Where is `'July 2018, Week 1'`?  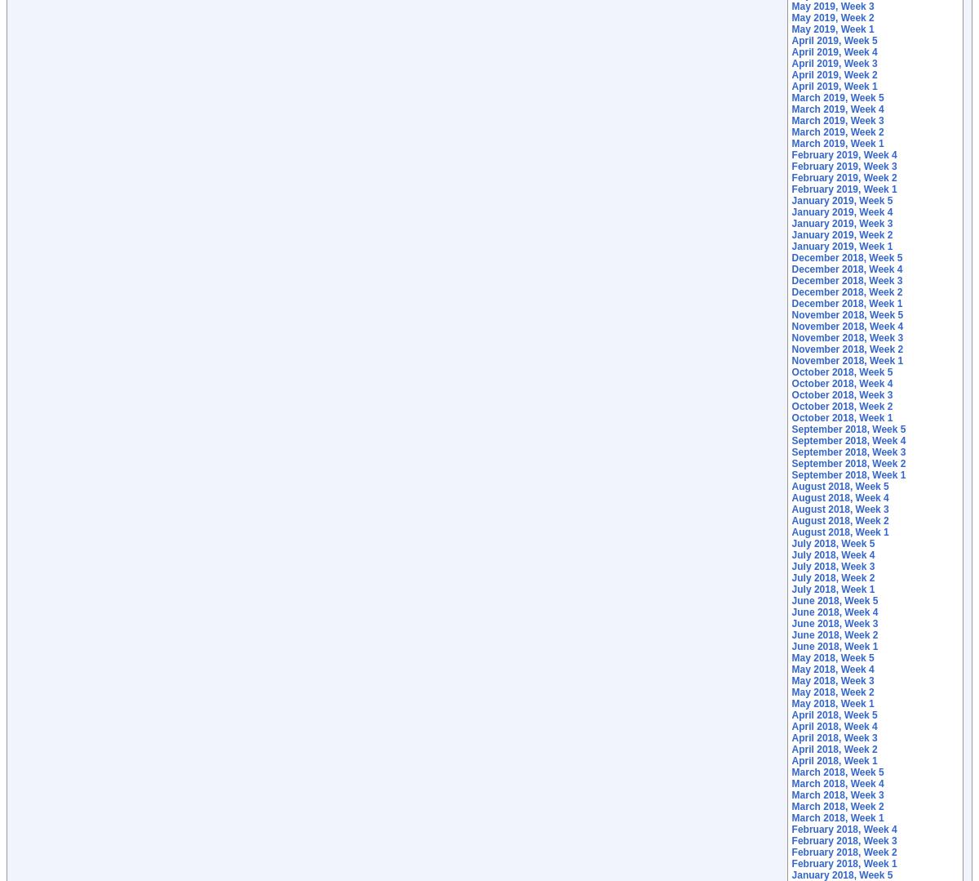 'July 2018, Week 1' is located at coordinates (832, 588).